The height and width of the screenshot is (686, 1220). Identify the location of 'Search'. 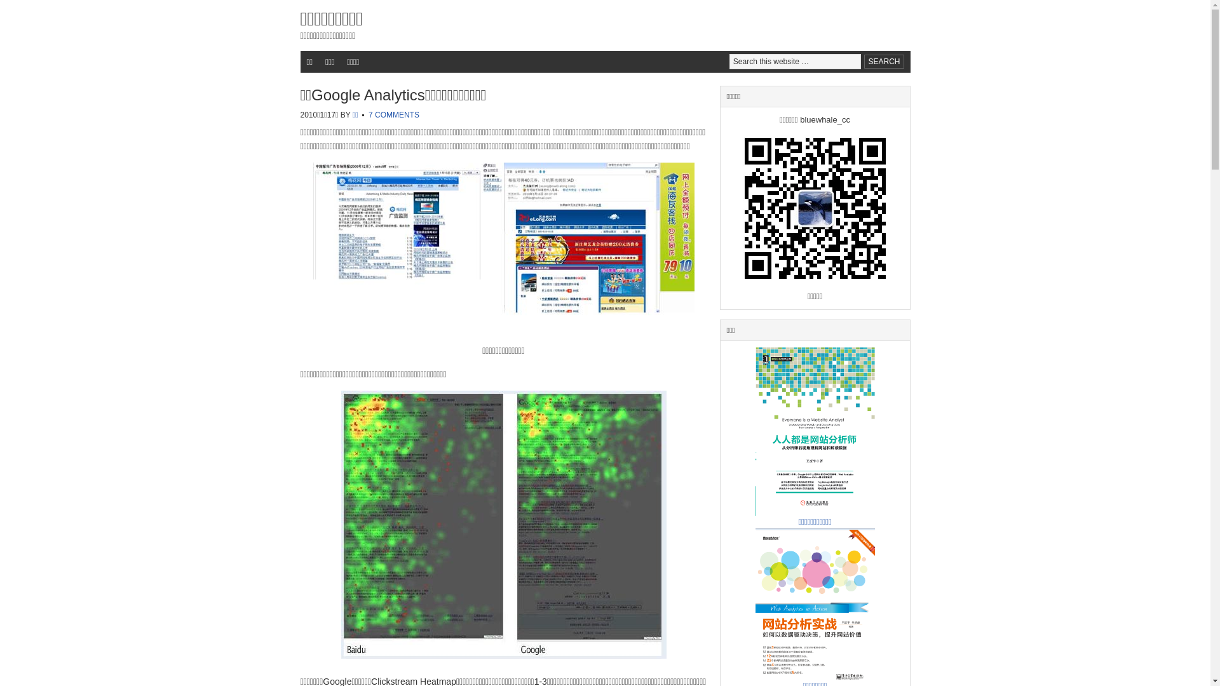
(883, 61).